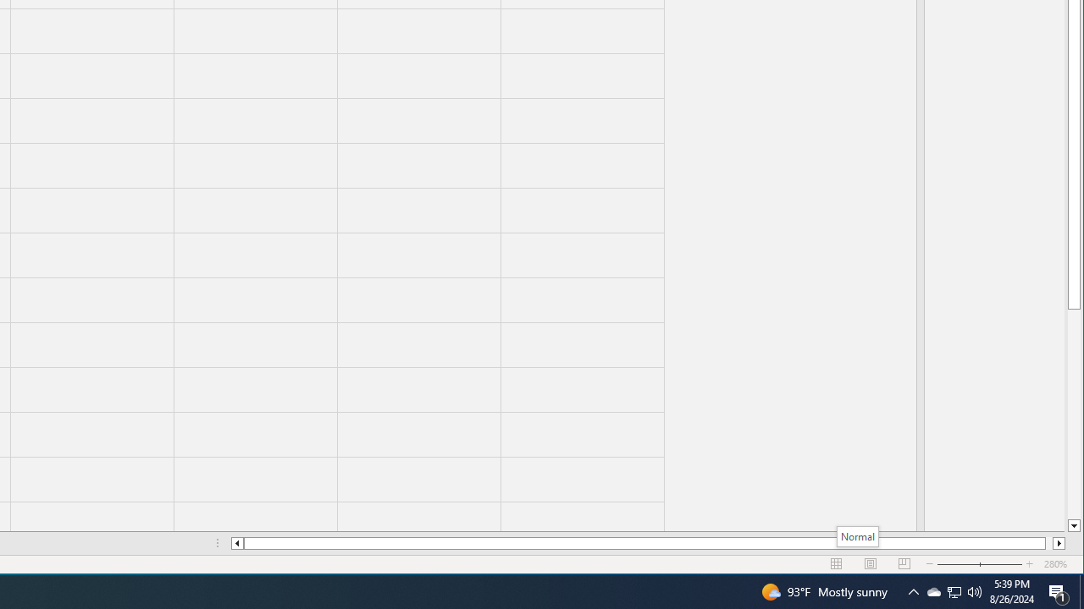 Image resolution: width=1084 pixels, height=609 pixels. I want to click on 'Action Center, 1 new notification', so click(1059, 590).